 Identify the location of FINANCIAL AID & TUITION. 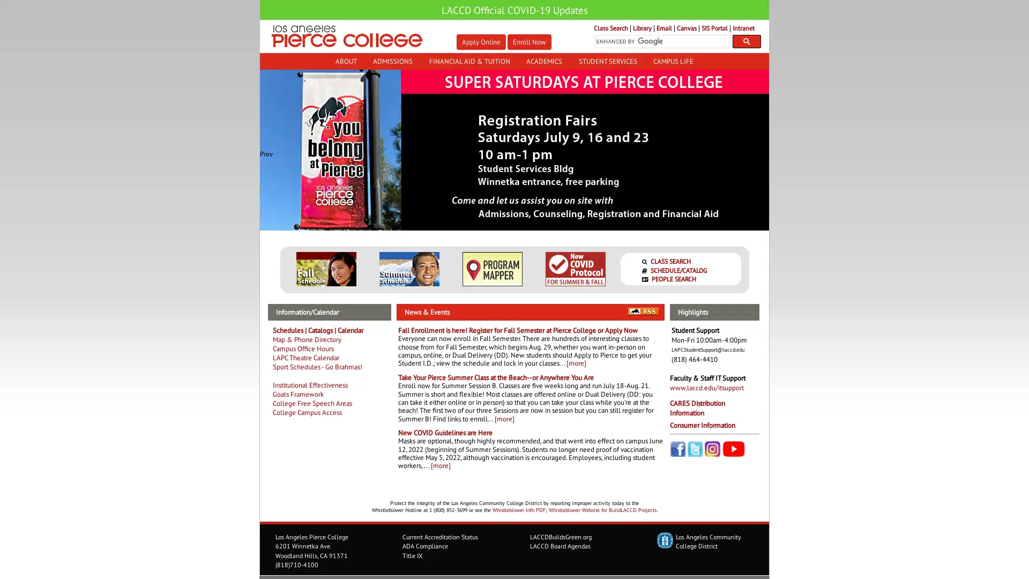
(469, 61).